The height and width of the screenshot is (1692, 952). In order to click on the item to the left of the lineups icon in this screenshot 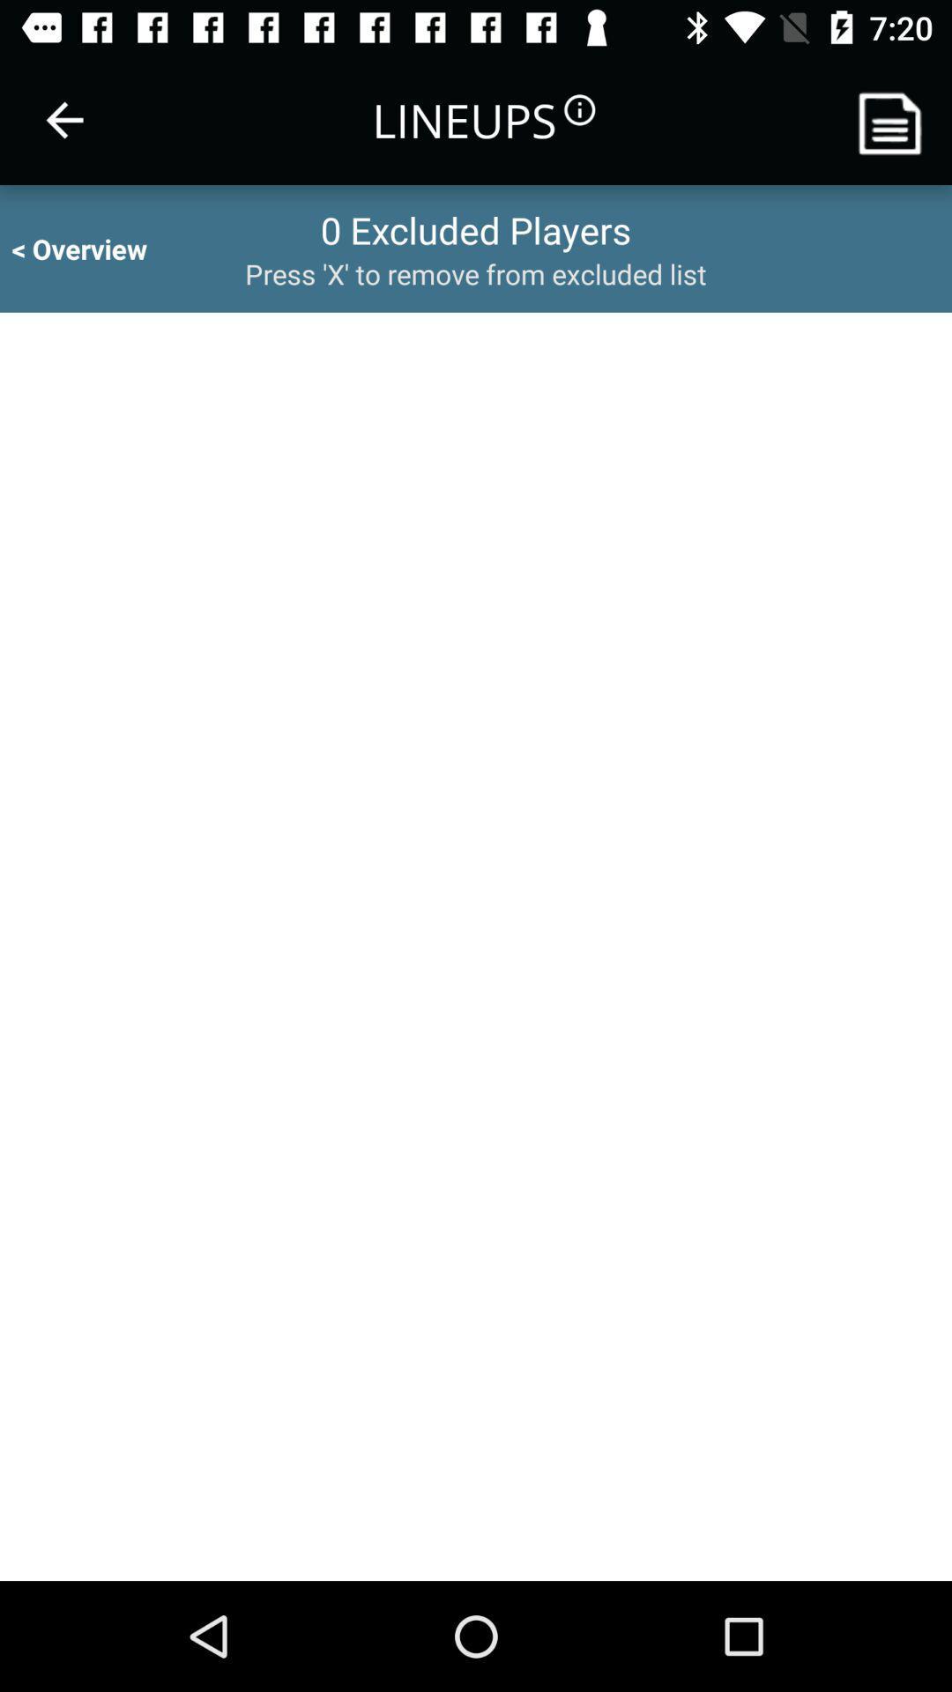, I will do `click(63, 119)`.